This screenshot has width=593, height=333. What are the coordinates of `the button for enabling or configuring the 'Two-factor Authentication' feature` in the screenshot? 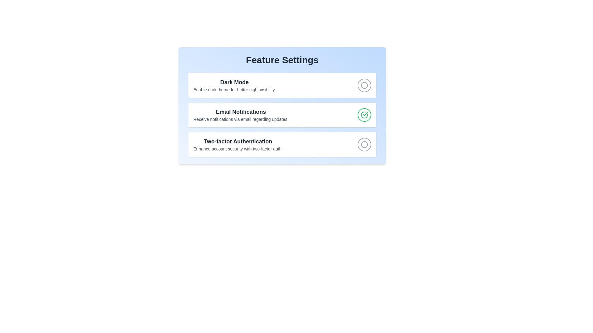 It's located at (364, 145).